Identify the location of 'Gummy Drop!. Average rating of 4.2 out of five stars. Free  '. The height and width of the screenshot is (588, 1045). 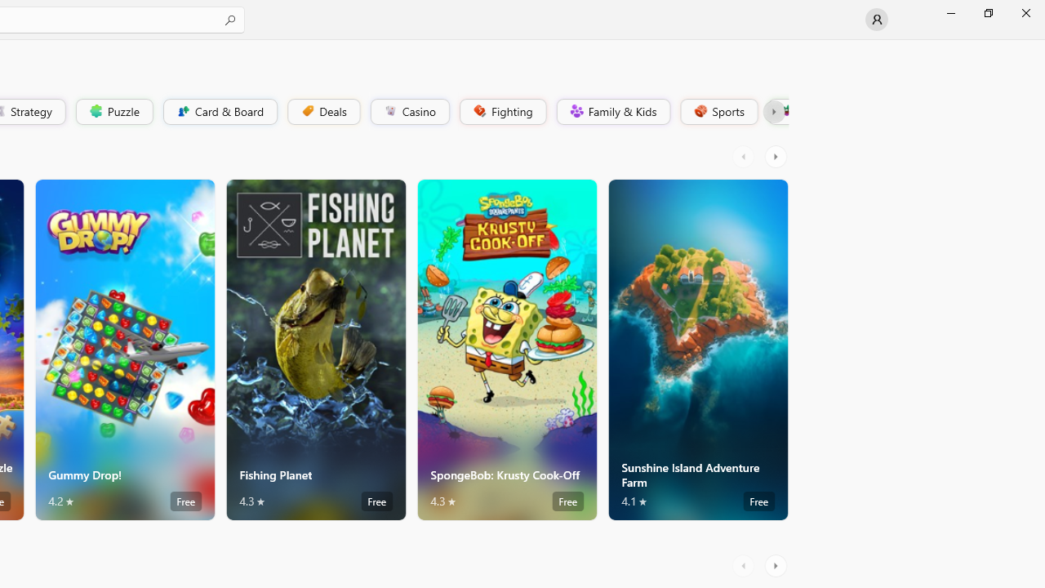
(123, 349).